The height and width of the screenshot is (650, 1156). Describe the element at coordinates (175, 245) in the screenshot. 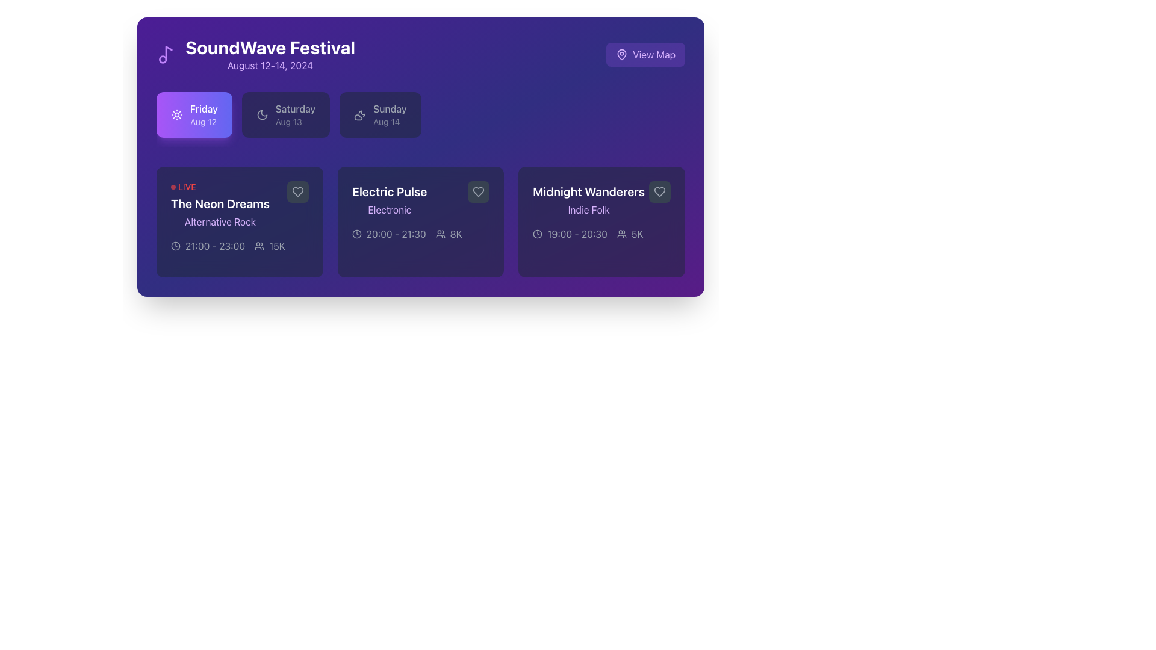

I see `the SVG circle graphic that represents the boundary of a circular clock face in the clock icon, located adjacent to the 'Sunday, Aug 14' button` at that location.